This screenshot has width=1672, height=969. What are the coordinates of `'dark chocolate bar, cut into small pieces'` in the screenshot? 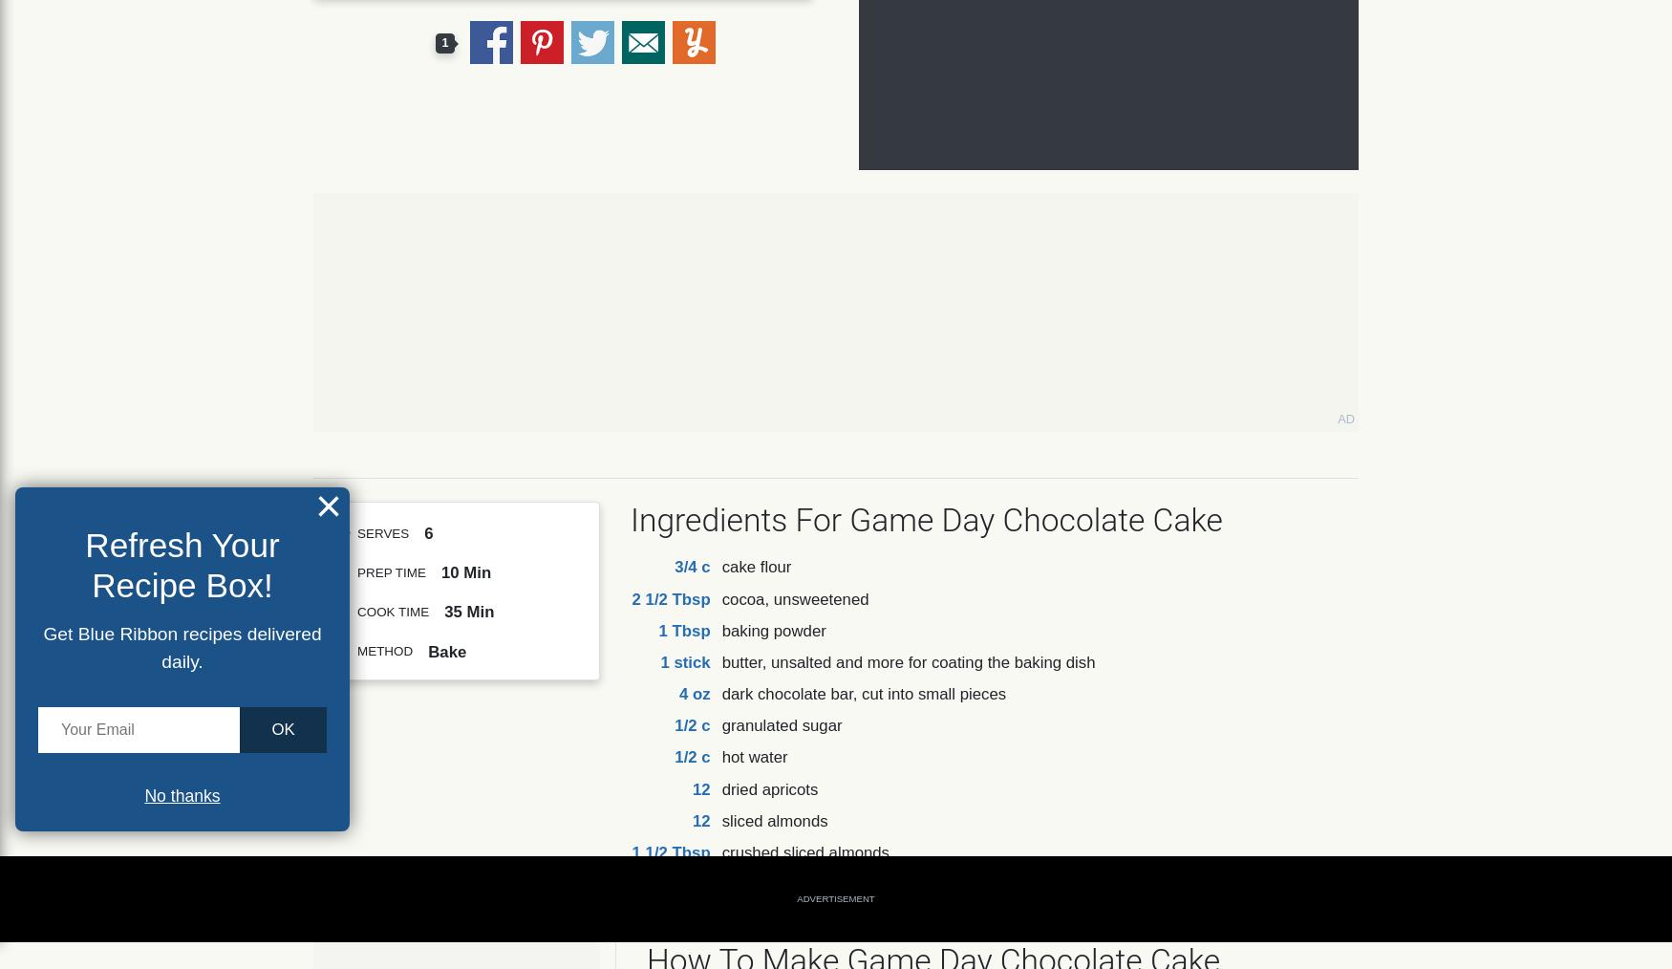 It's located at (863, 693).